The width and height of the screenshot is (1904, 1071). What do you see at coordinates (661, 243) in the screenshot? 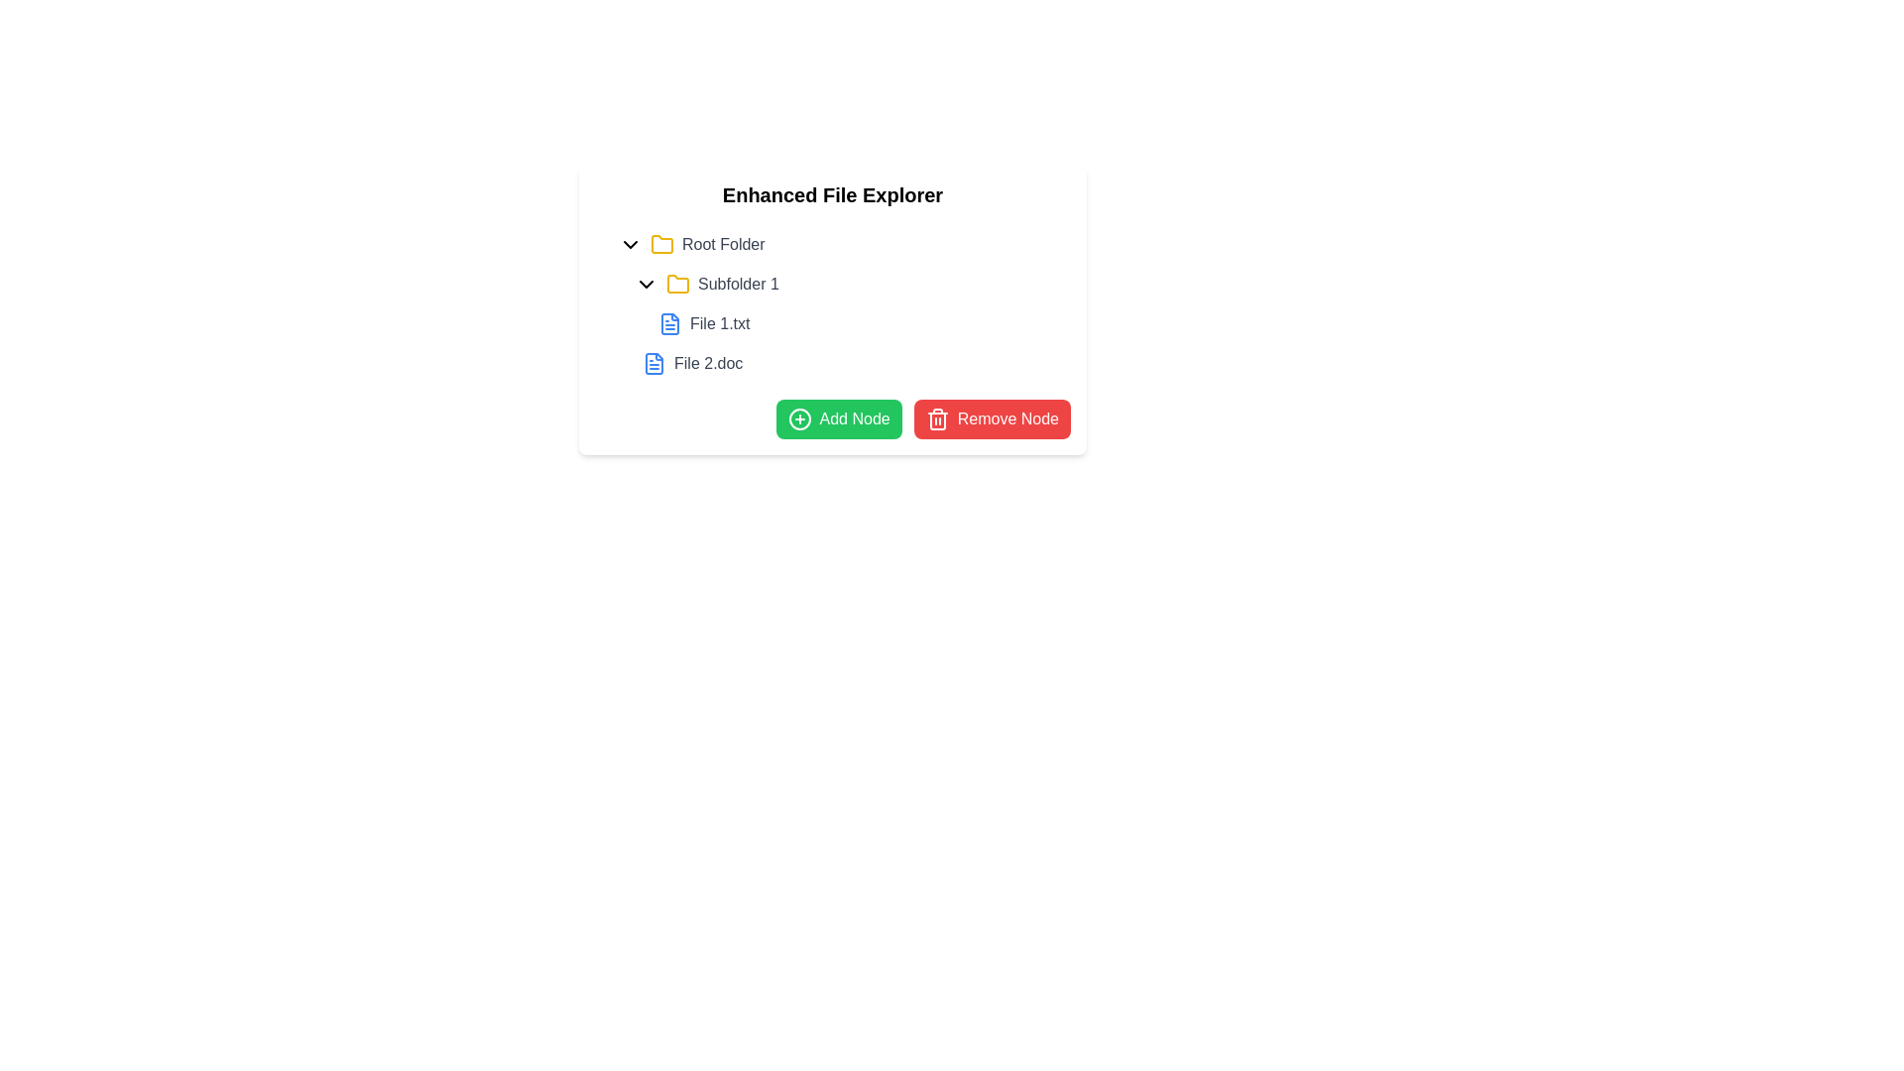
I see `the root folder icon in the file explorer layout, which is visually identified as a folder and located to the immediate left of the text 'Root Folder'` at bounding box center [661, 243].